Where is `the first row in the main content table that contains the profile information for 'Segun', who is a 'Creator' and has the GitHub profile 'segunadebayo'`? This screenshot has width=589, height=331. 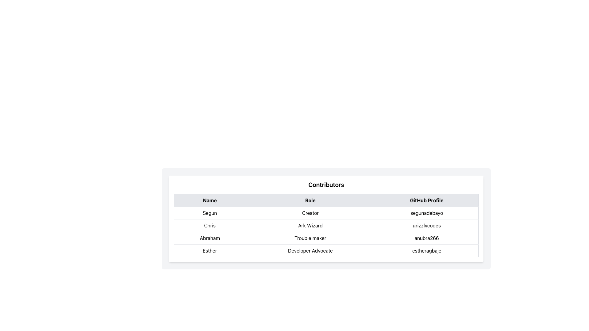
the first row in the main content table that contains the profile information for 'Segun', who is a 'Creator' and has the GitHub profile 'segunadebayo' is located at coordinates (326, 212).